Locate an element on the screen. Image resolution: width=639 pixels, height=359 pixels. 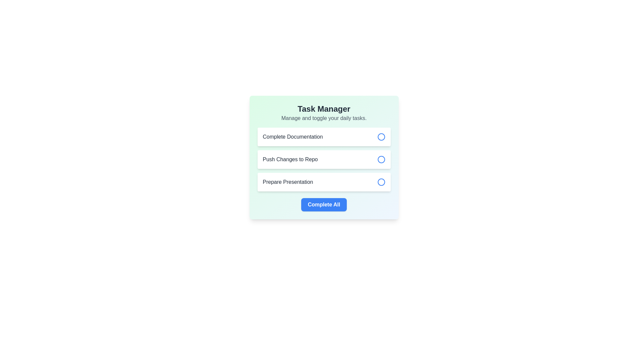
the circular interactive checkbox next to the task 'Push Changes to Repo' to mark it as done is located at coordinates (324, 159).